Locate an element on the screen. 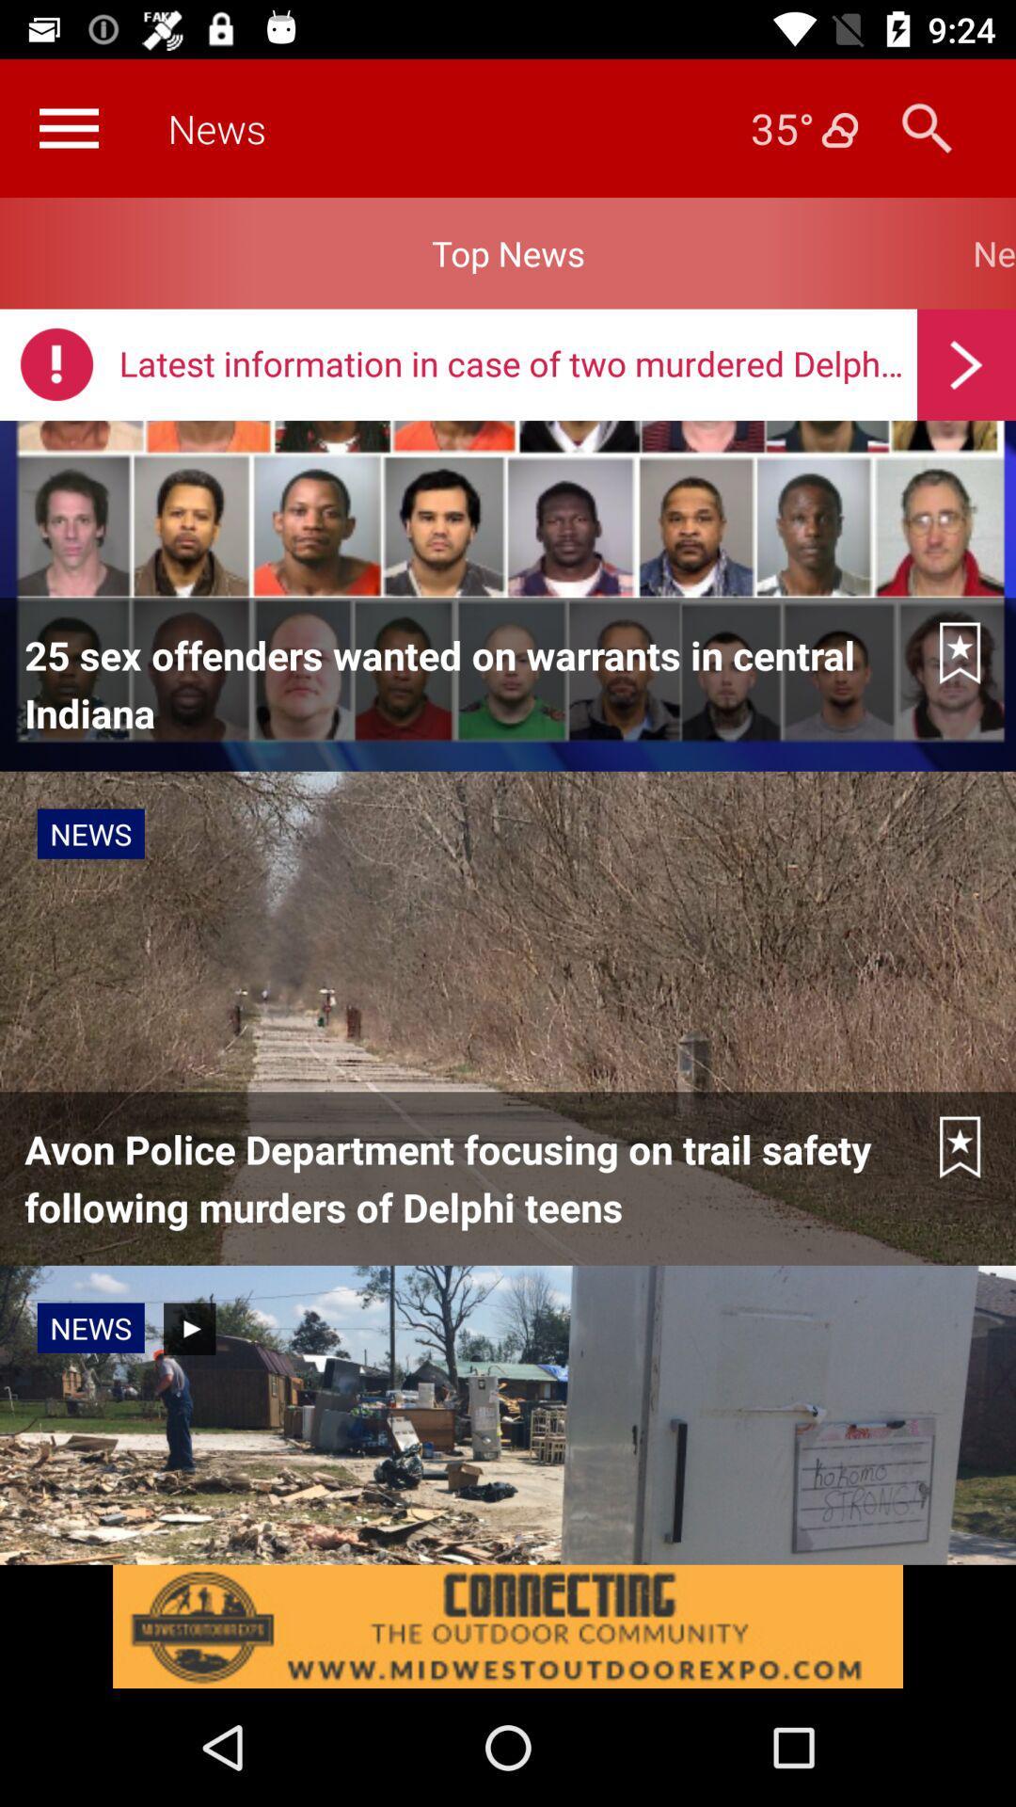 This screenshot has height=1807, width=1016. customs is located at coordinates (68, 127).